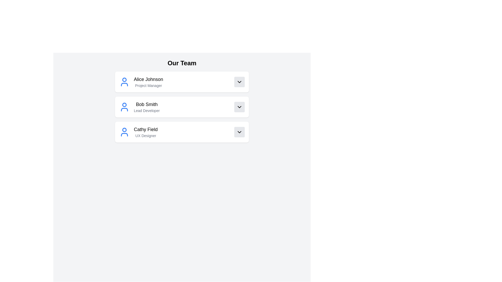 The width and height of the screenshot is (502, 282). What do you see at coordinates (148, 85) in the screenshot?
I see `the text label displaying the title 'Project Manager' which is styled in gray color and positioned below 'Alice Johnson' in the 'Our Team' section` at bounding box center [148, 85].